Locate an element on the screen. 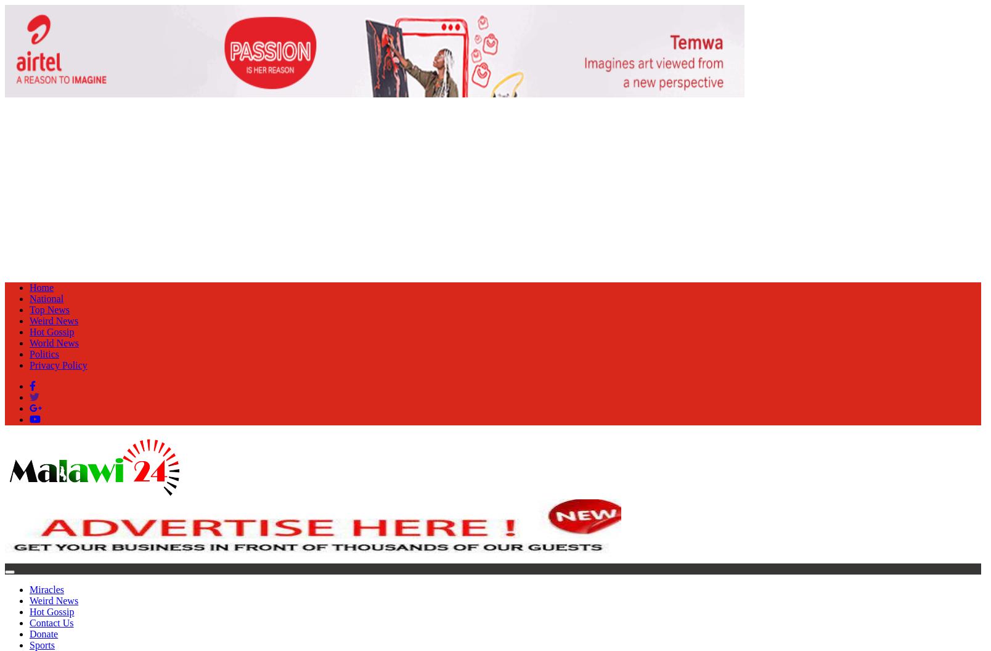 This screenshot has height=651, width=991. 'Sports' is located at coordinates (29, 644).